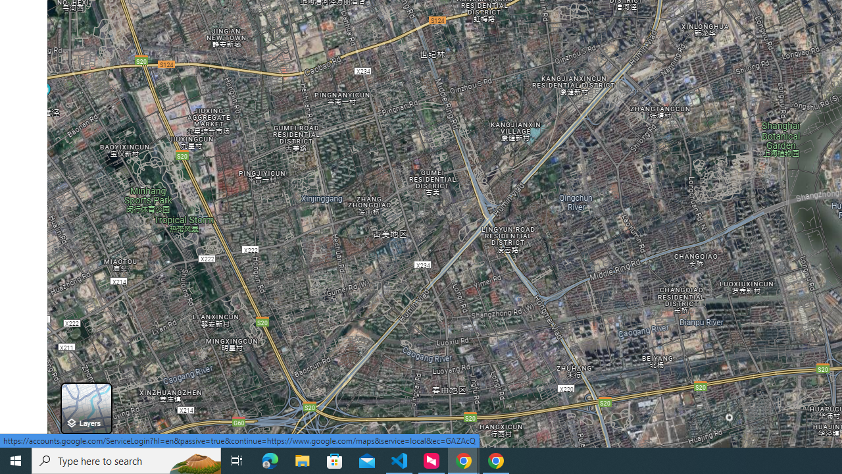 The image size is (842, 474). Describe the element at coordinates (86, 408) in the screenshot. I see `'Layers'` at that location.